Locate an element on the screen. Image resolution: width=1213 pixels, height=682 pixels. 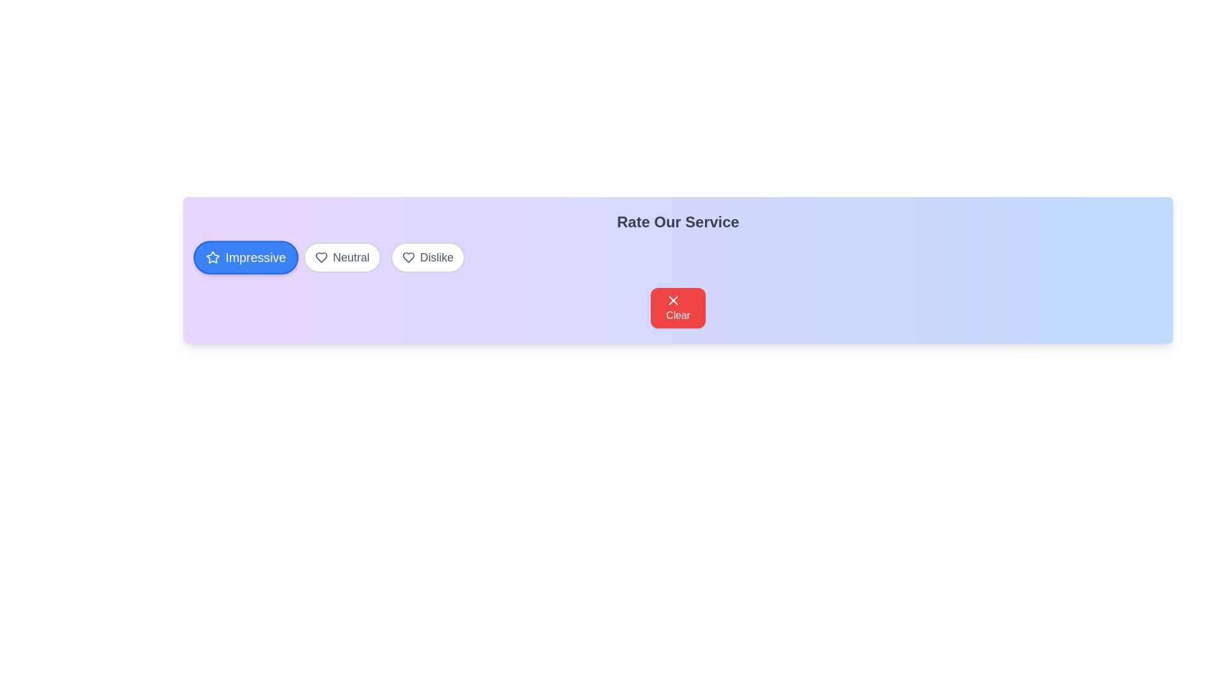
the rating option Neutral by clicking on its corresponding button is located at coordinates (342, 257).